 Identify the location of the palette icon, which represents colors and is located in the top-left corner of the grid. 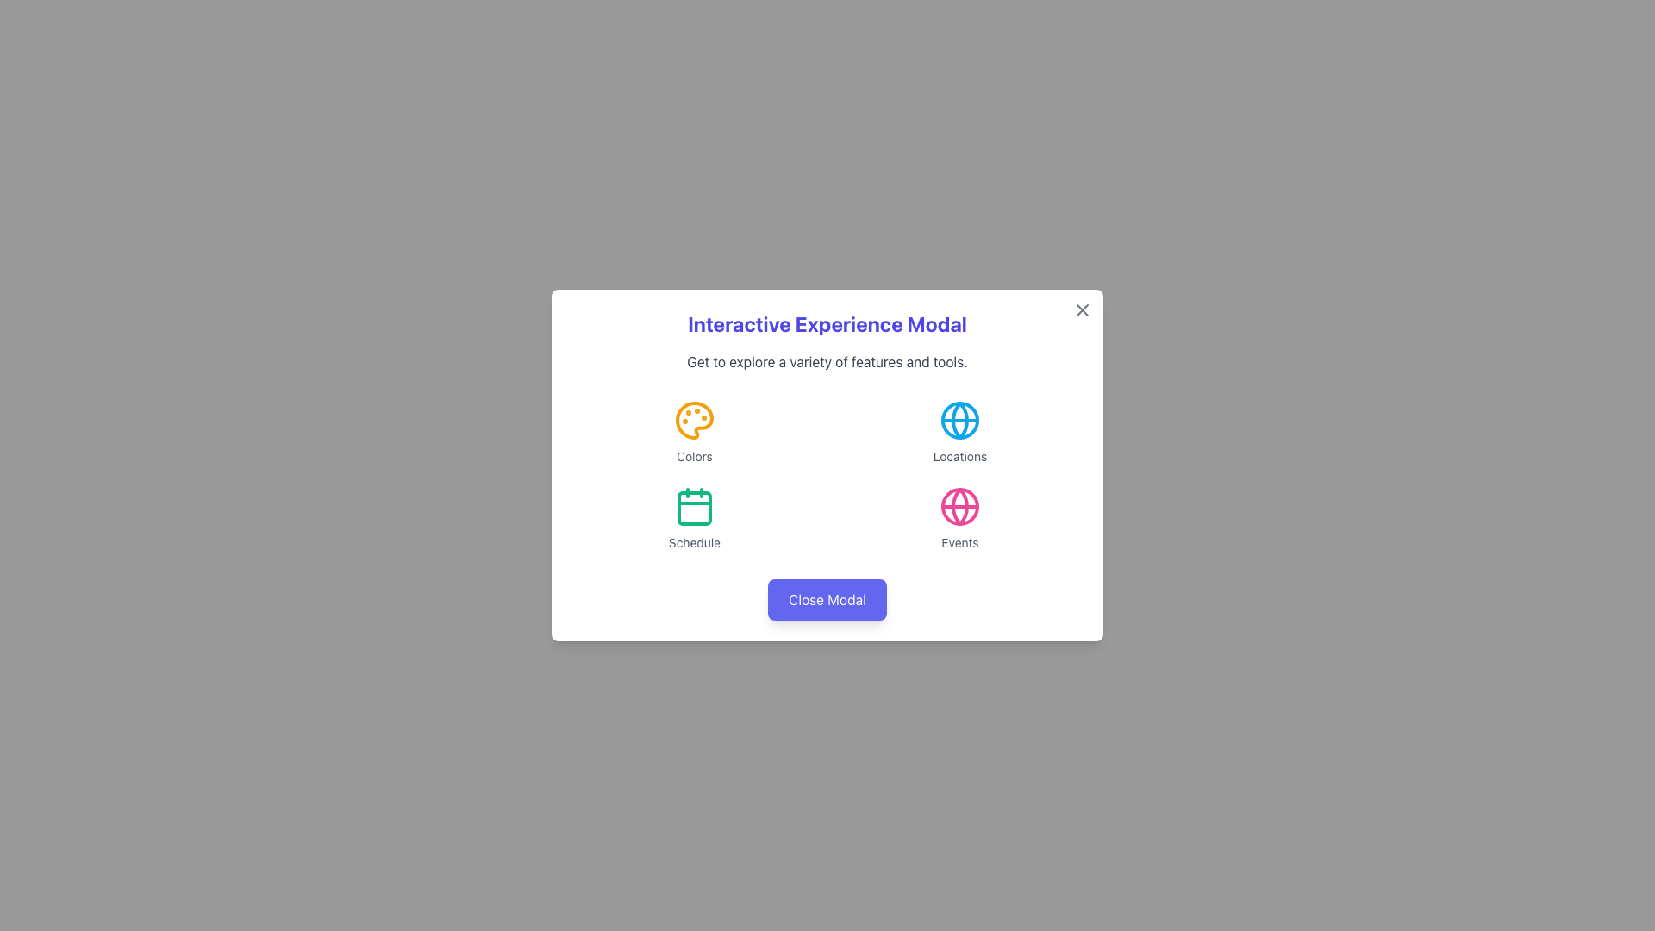
(695, 421).